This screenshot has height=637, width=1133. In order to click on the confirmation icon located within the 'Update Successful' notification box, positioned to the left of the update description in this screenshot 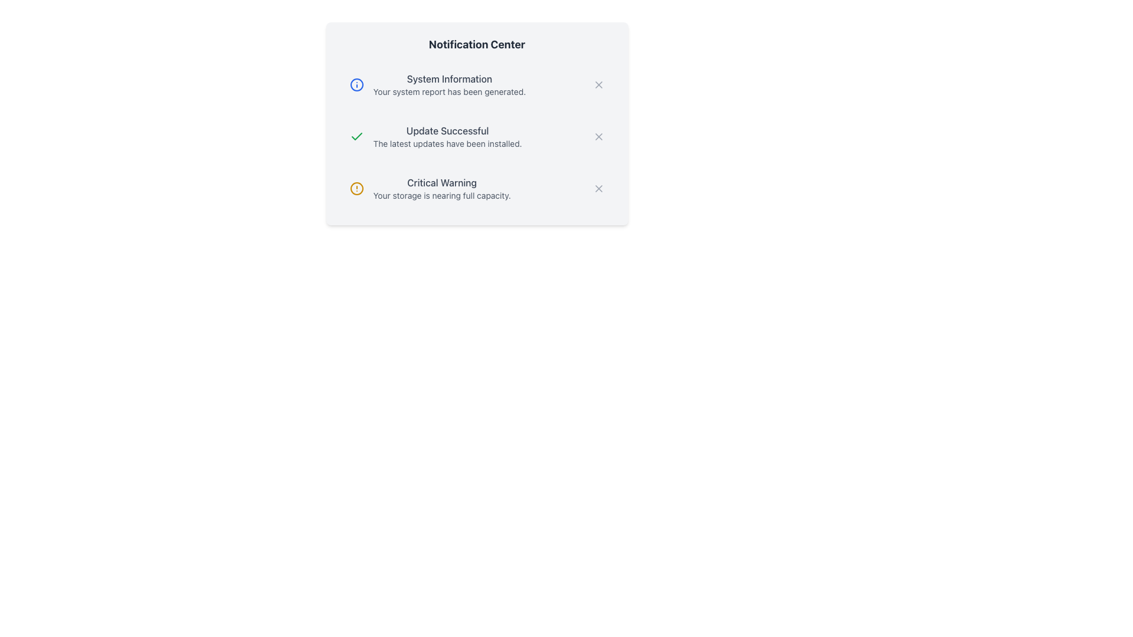, I will do `click(356, 136)`.